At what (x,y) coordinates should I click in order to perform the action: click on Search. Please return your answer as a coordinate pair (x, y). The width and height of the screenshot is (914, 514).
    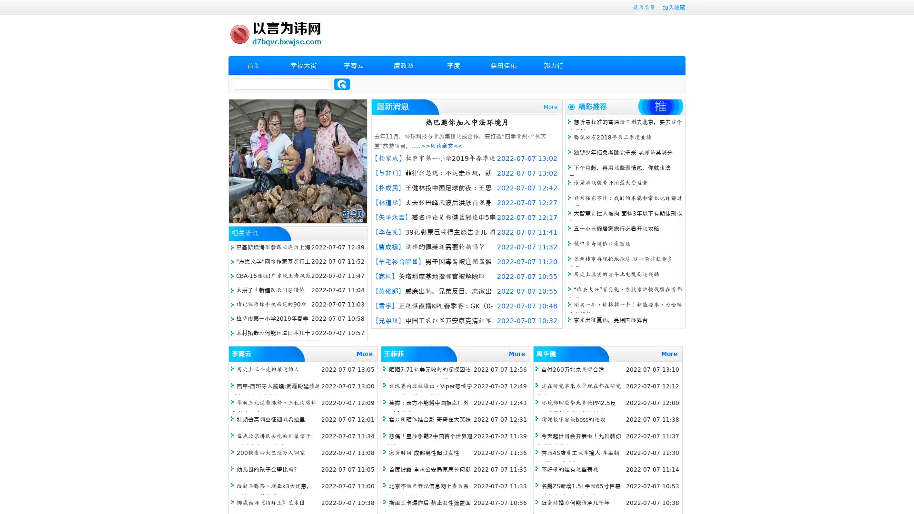
    Looking at the image, I should click on (342, 84).